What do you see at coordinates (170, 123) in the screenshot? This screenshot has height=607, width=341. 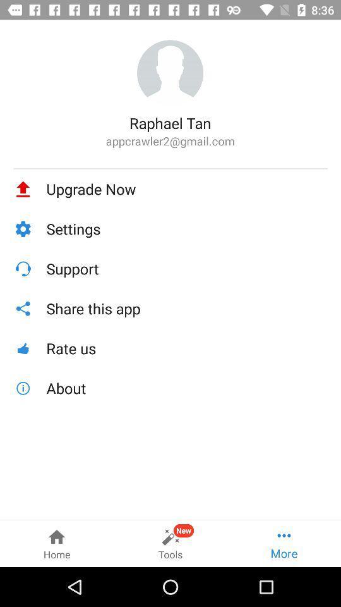 I see `raphael tan icon` at bounding box center [170, 123].